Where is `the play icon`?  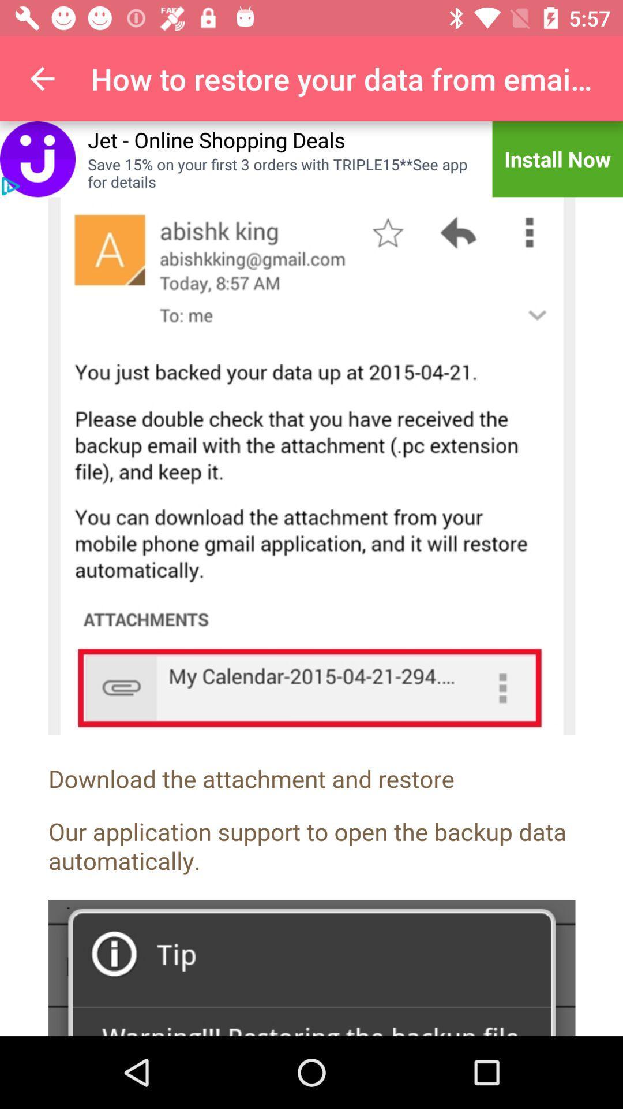
the play icon is located at coordinates (10, 186).